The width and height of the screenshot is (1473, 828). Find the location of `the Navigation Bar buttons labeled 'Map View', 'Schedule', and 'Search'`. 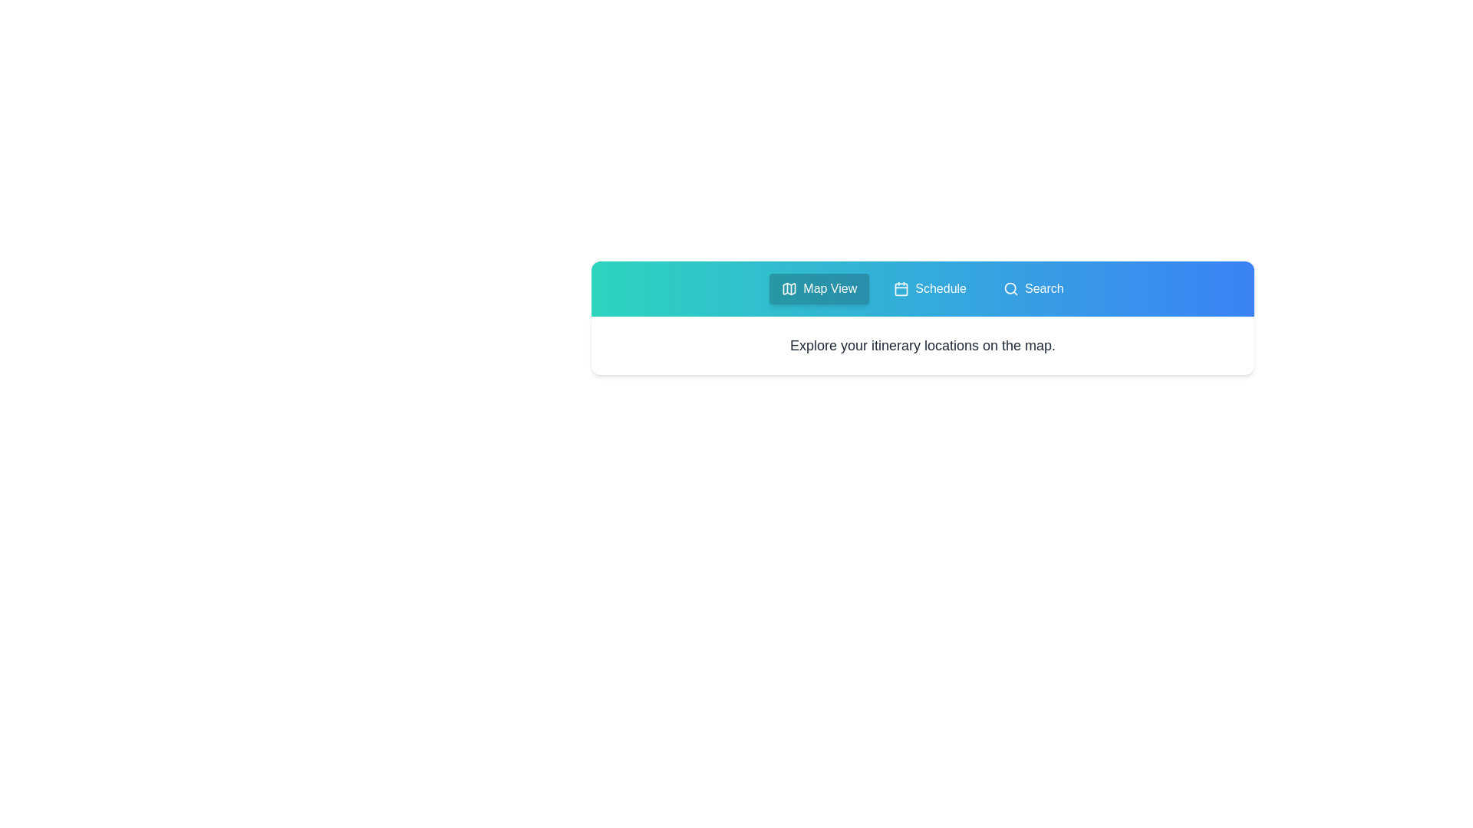

the Navigation Bar buttons labeled 'Map View', 'Schedule', and 'Search' is located at coordinates (922, 289).